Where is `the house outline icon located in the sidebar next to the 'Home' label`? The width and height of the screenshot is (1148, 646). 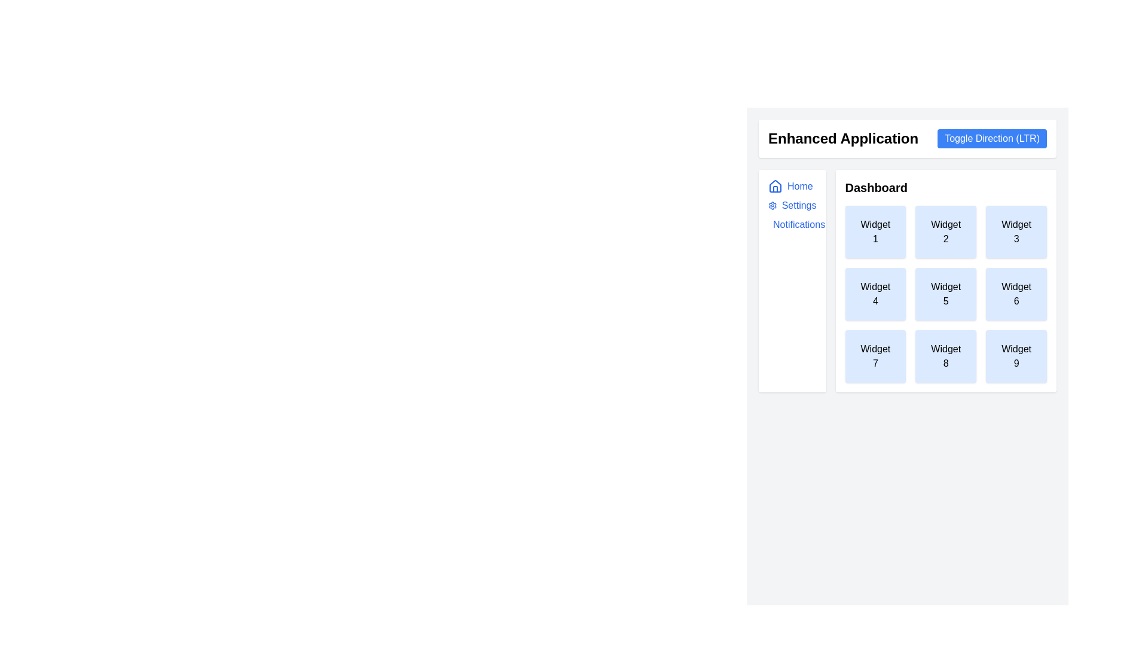 the house outline icon located in the sidebar next to the 'Home' label is located at coordinates (775, 186).